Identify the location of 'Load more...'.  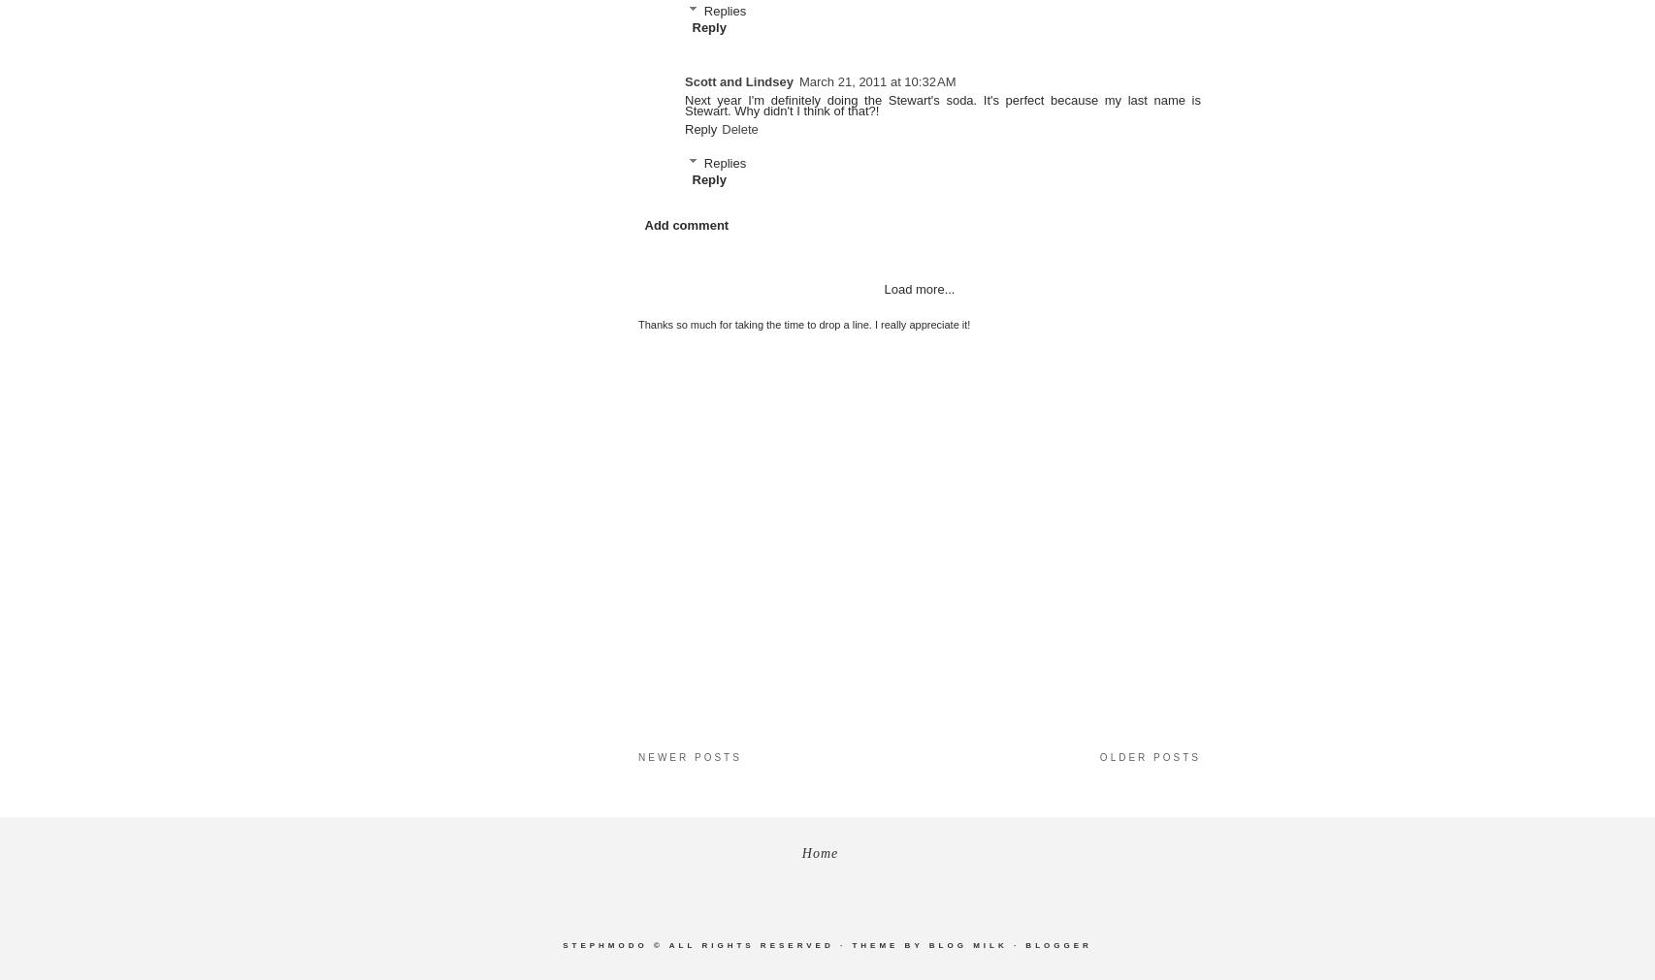
(884, 289).